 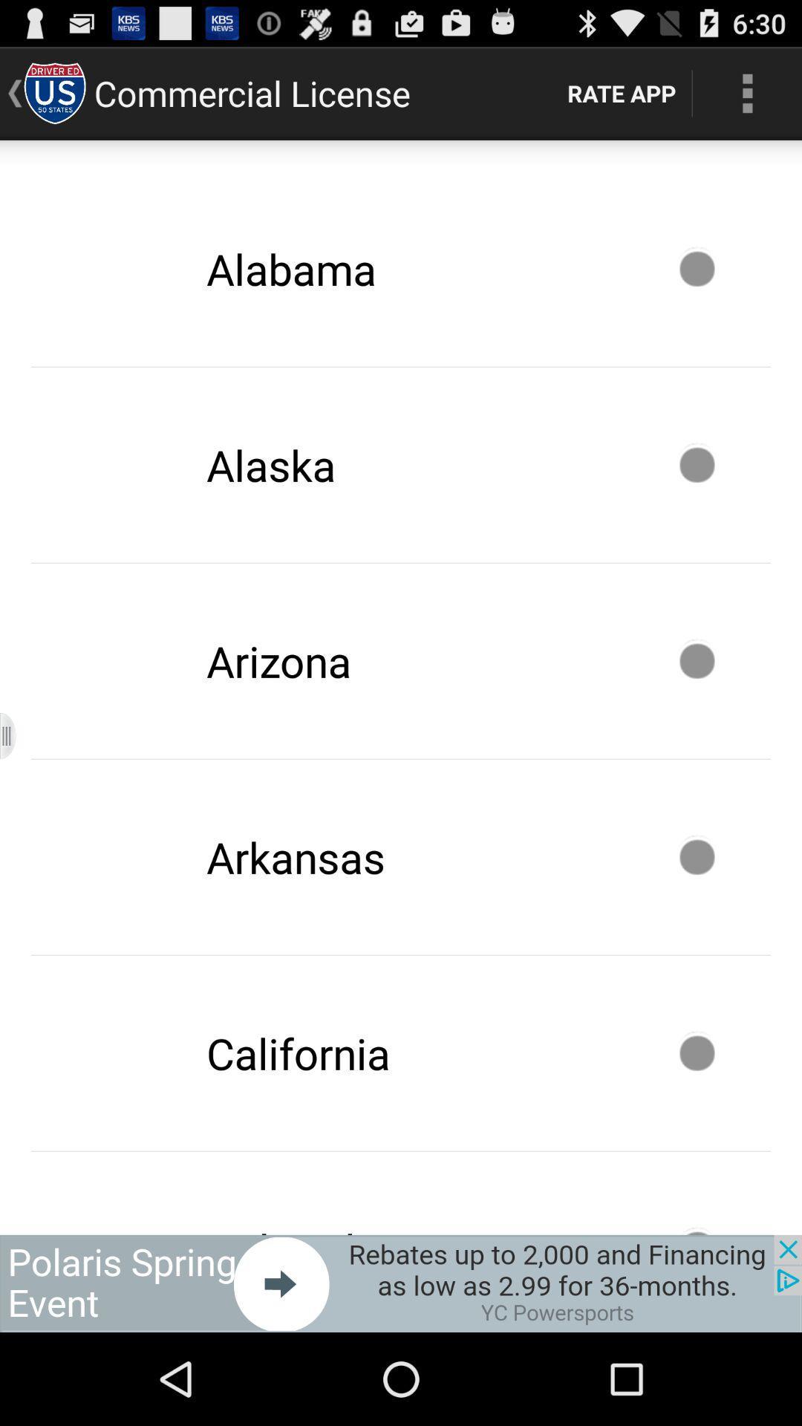 What do you see at coordinates (17, 787) in the screenshot?
I see `the menu icon` at bounding box center [17, 787].